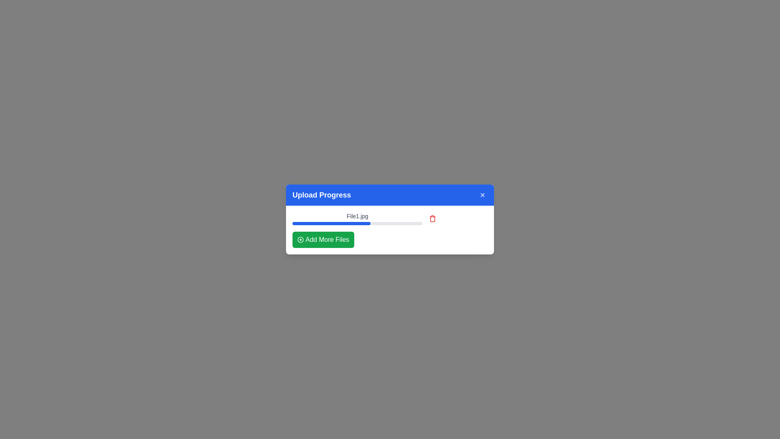 The height and width of the screenshot is (439, 780). I want to click on the circular '+' icon with a green stroke, part of the 'Add More Files' button located at the bottom left of the 'Upload Progress' modal, so click(300, 239).